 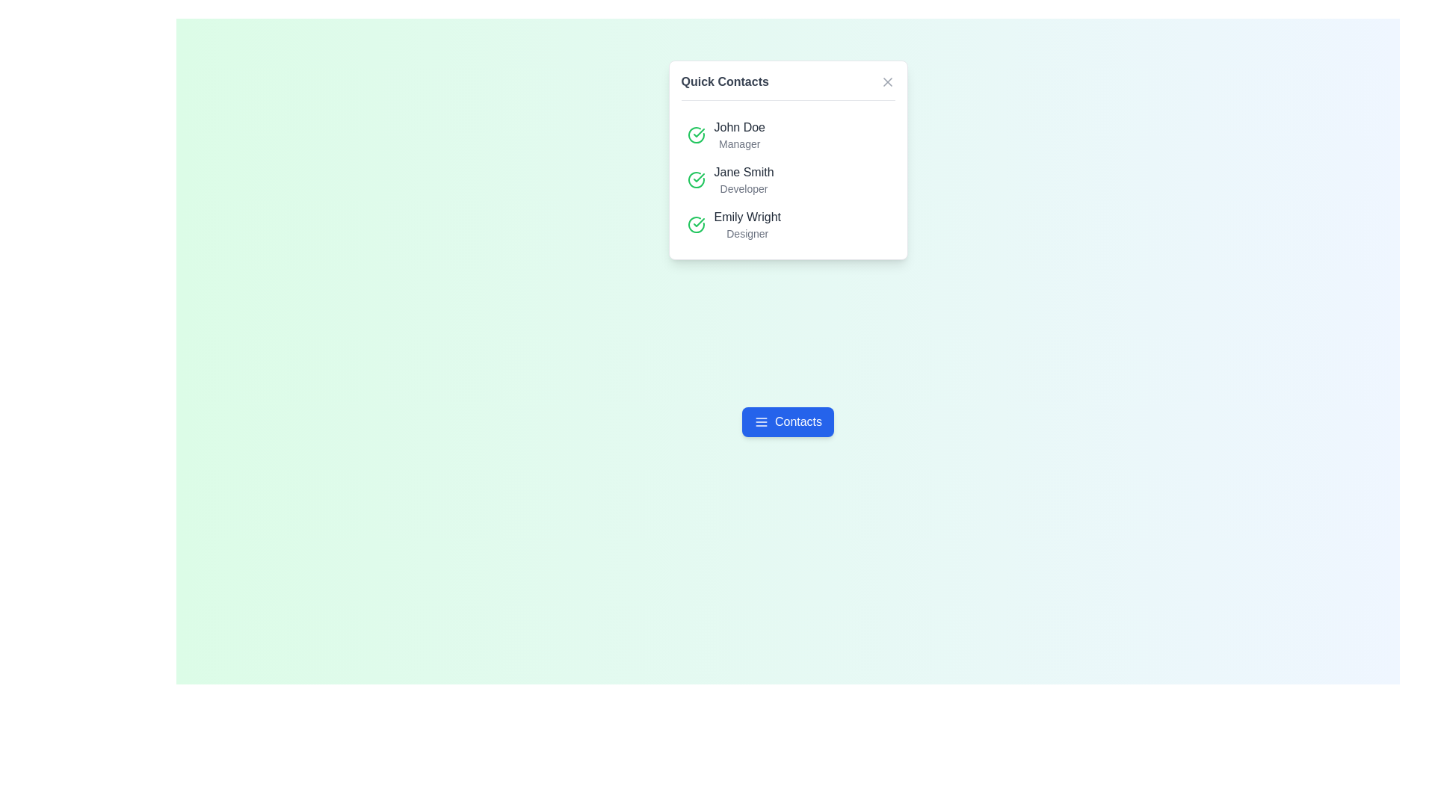 I want to click on the text label displaying 'Manager' located below 'John Doe' in the 'Quick Contacts' section, so click(x=739, y=143).